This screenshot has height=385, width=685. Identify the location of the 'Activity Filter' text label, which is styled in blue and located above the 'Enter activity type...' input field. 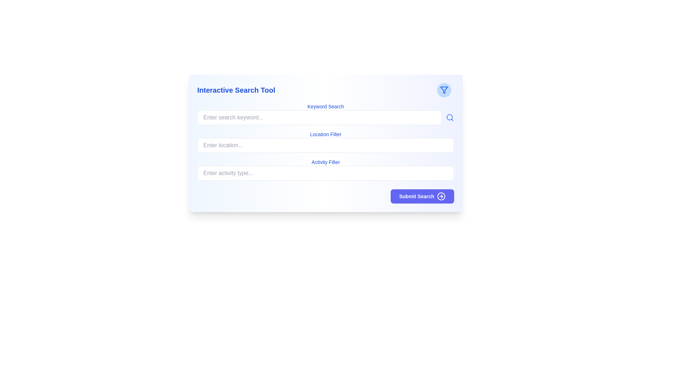
(325, 162).